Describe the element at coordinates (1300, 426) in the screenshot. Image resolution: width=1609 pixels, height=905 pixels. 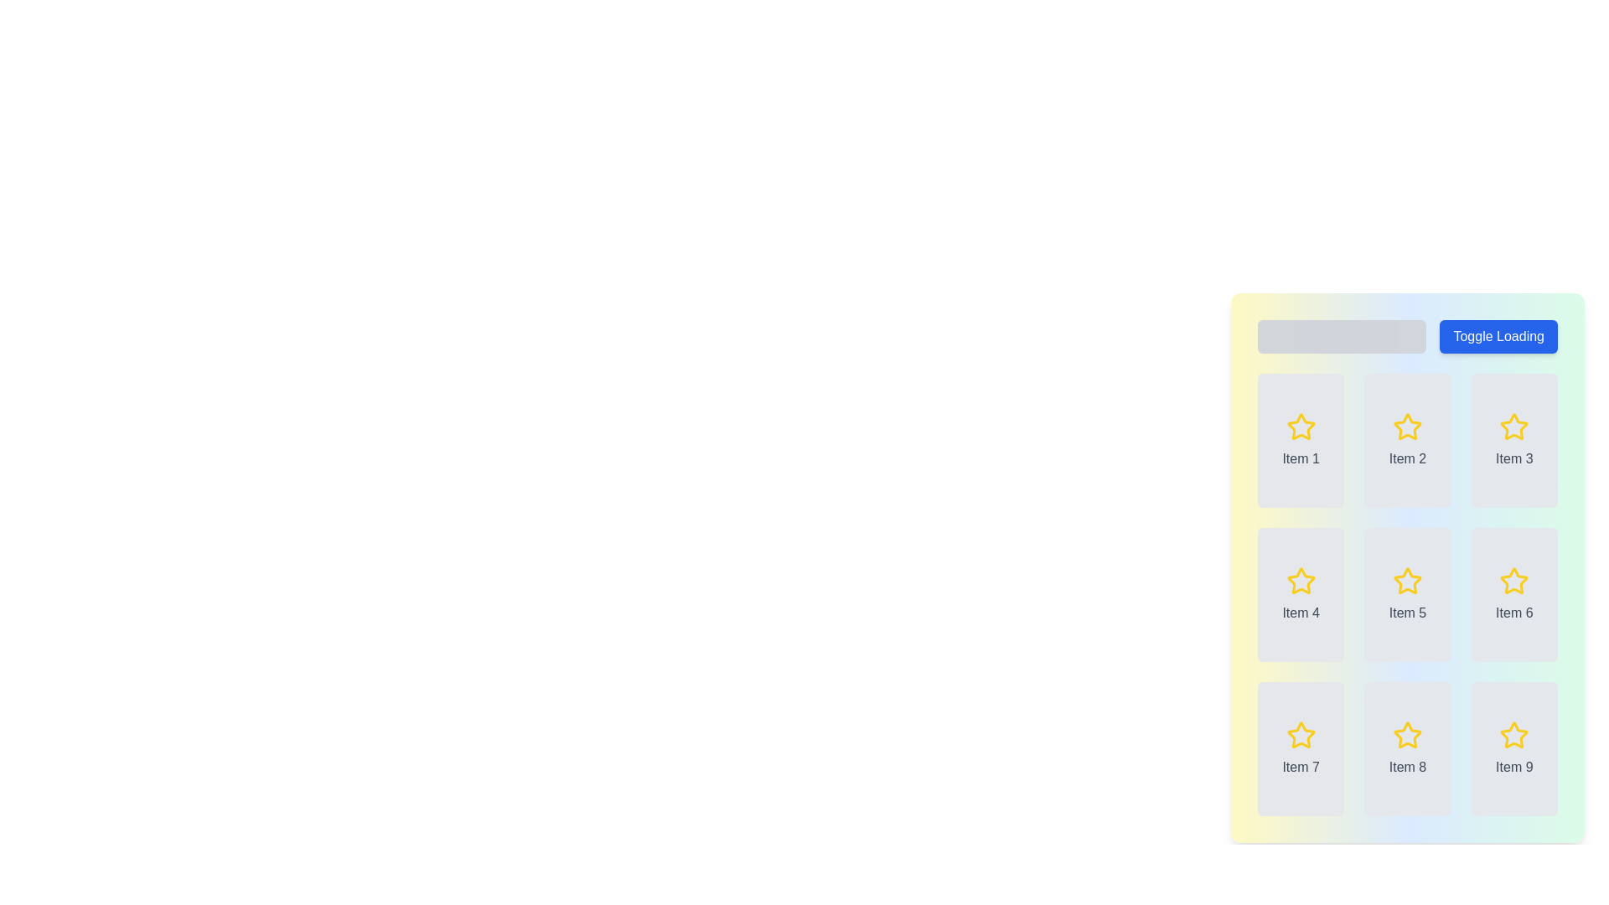
I see `the star icon representing 'Item 1', located in the top-left cell of the 3x3 grid layout, directly above the 'Item 1' text` at that location.